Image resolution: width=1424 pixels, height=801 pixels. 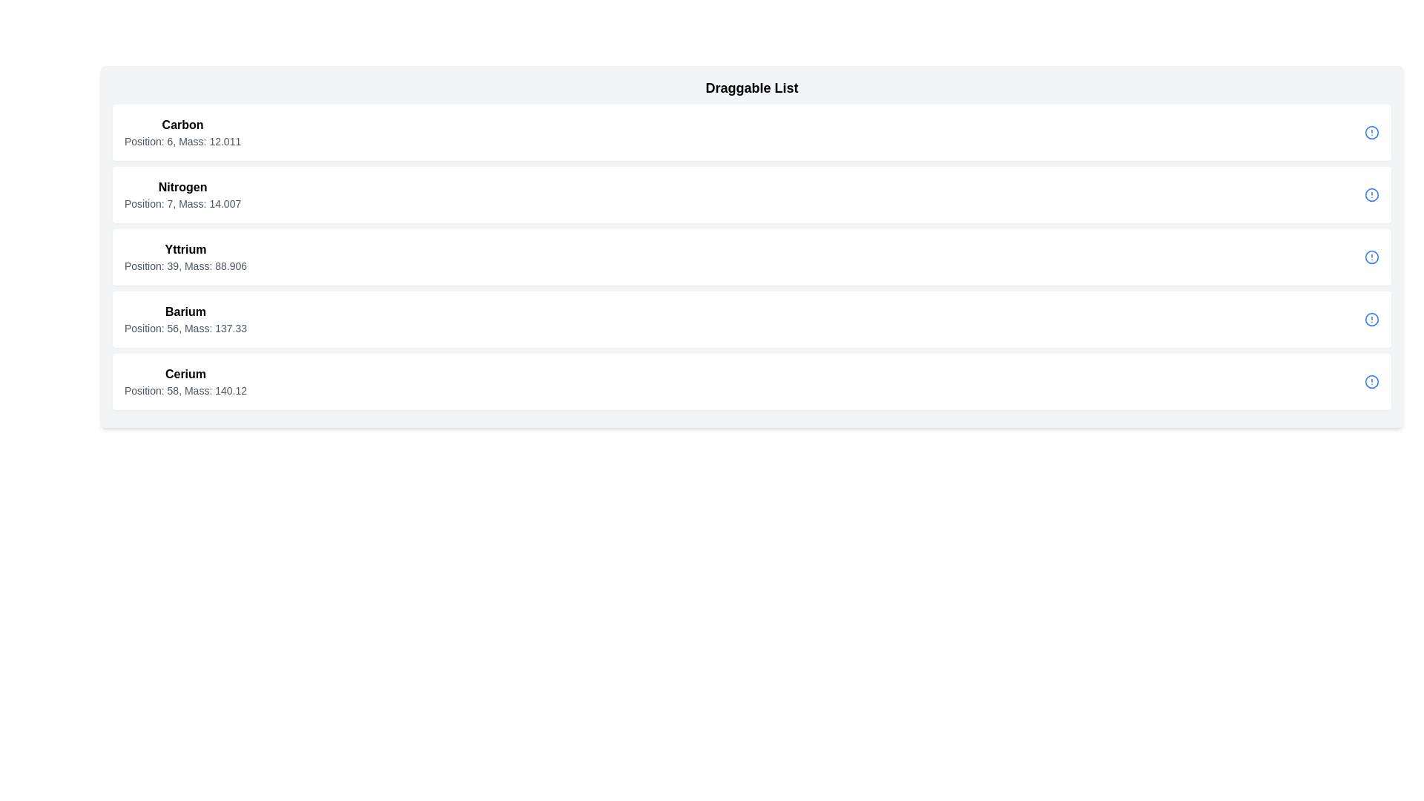 I want to click on the descriptive text label for the scientific entity Cerium, located beneath the Cerium label in the fifth card of the list, so click(x=185, y=390).